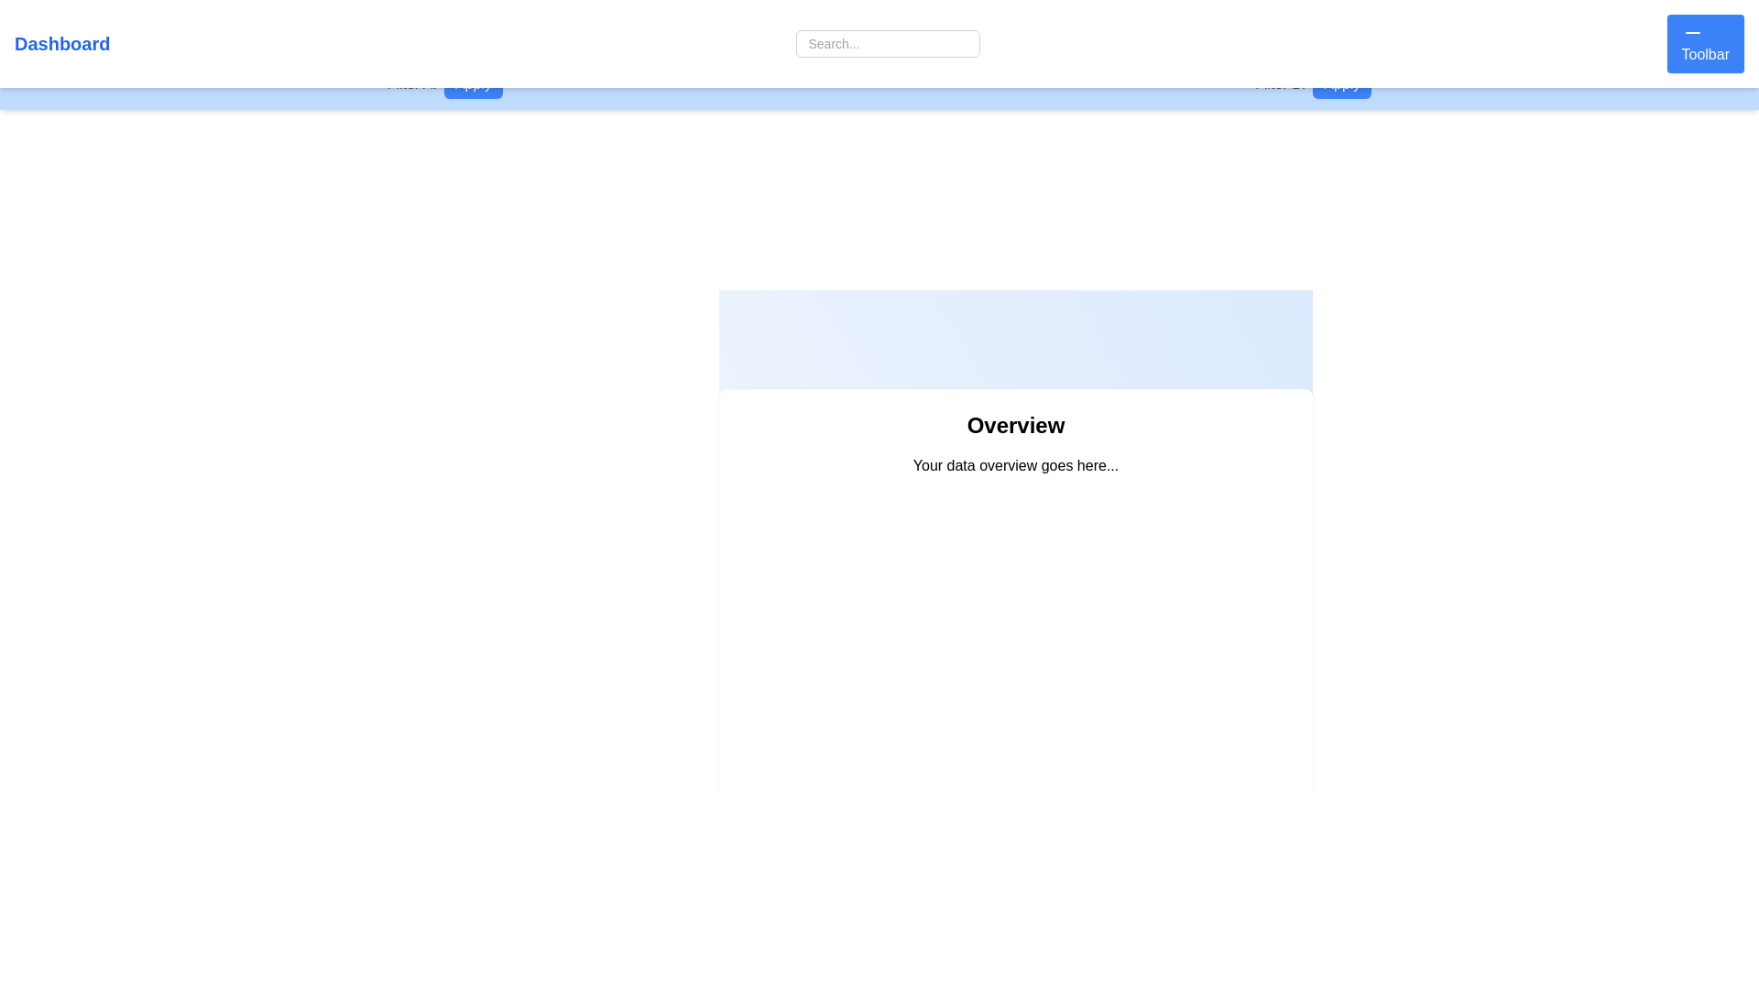  I want to click on the 'Filter A' button, so click(473, 84).